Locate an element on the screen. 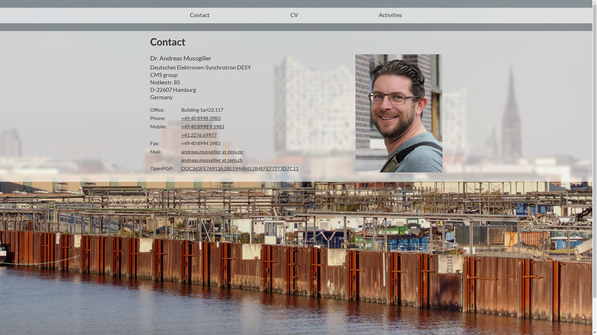 This screenshot has height=335, width=597. 'andreas.mussgiller at desy.de' is located at coordinates (212, 151).